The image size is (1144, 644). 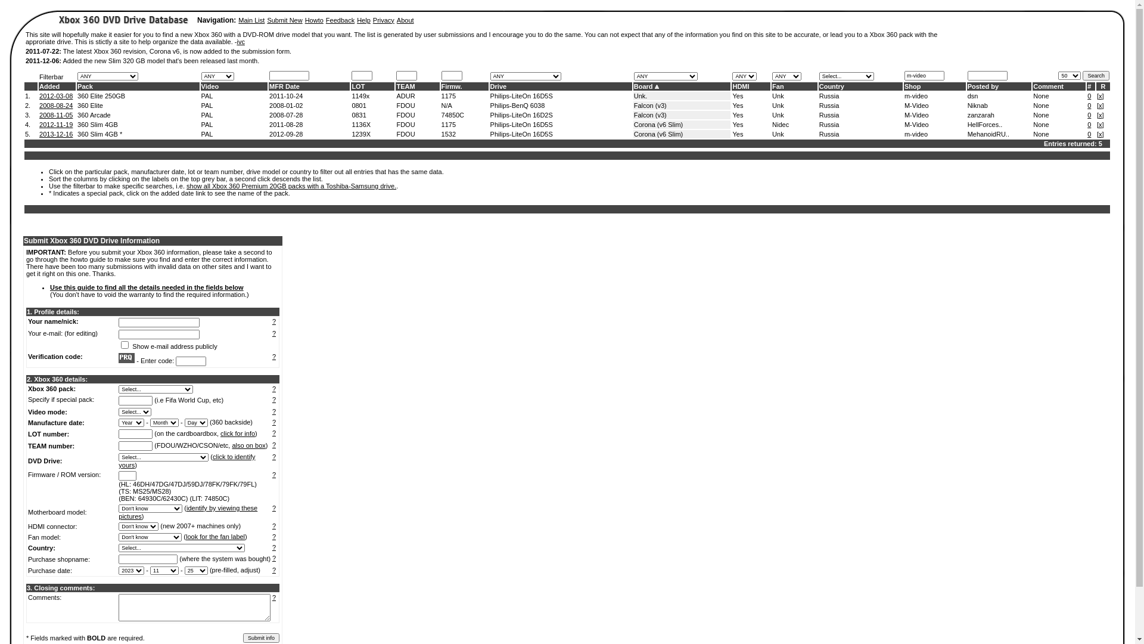 What do you see at coordinates (829, 95) in the screenshot?
I see `'Russia'` at bounding box center [829, 95].